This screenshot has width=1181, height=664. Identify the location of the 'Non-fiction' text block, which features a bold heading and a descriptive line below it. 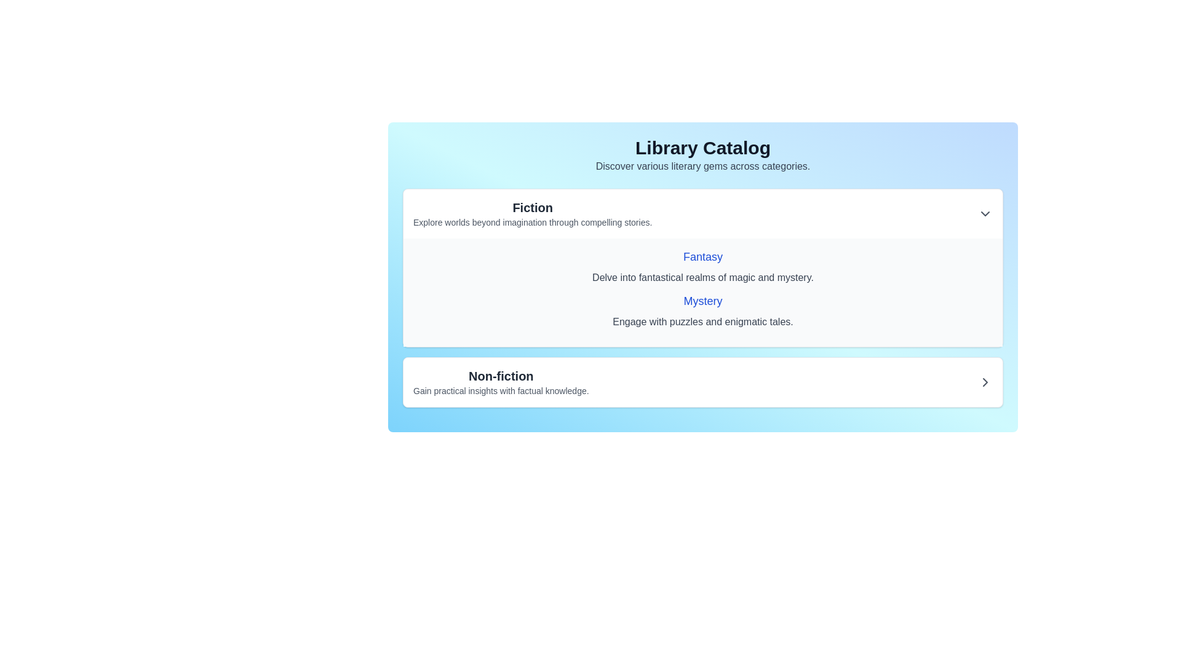
(501, 381).